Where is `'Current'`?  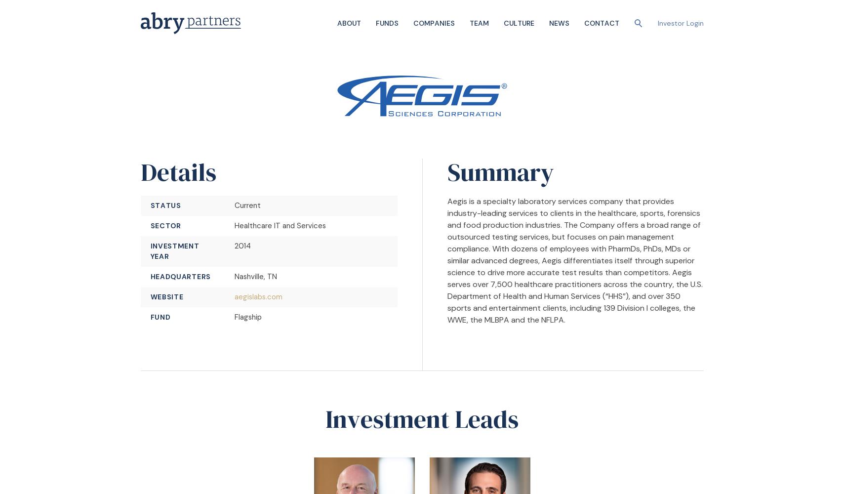
'Current' is located at coordinates (234, 206).